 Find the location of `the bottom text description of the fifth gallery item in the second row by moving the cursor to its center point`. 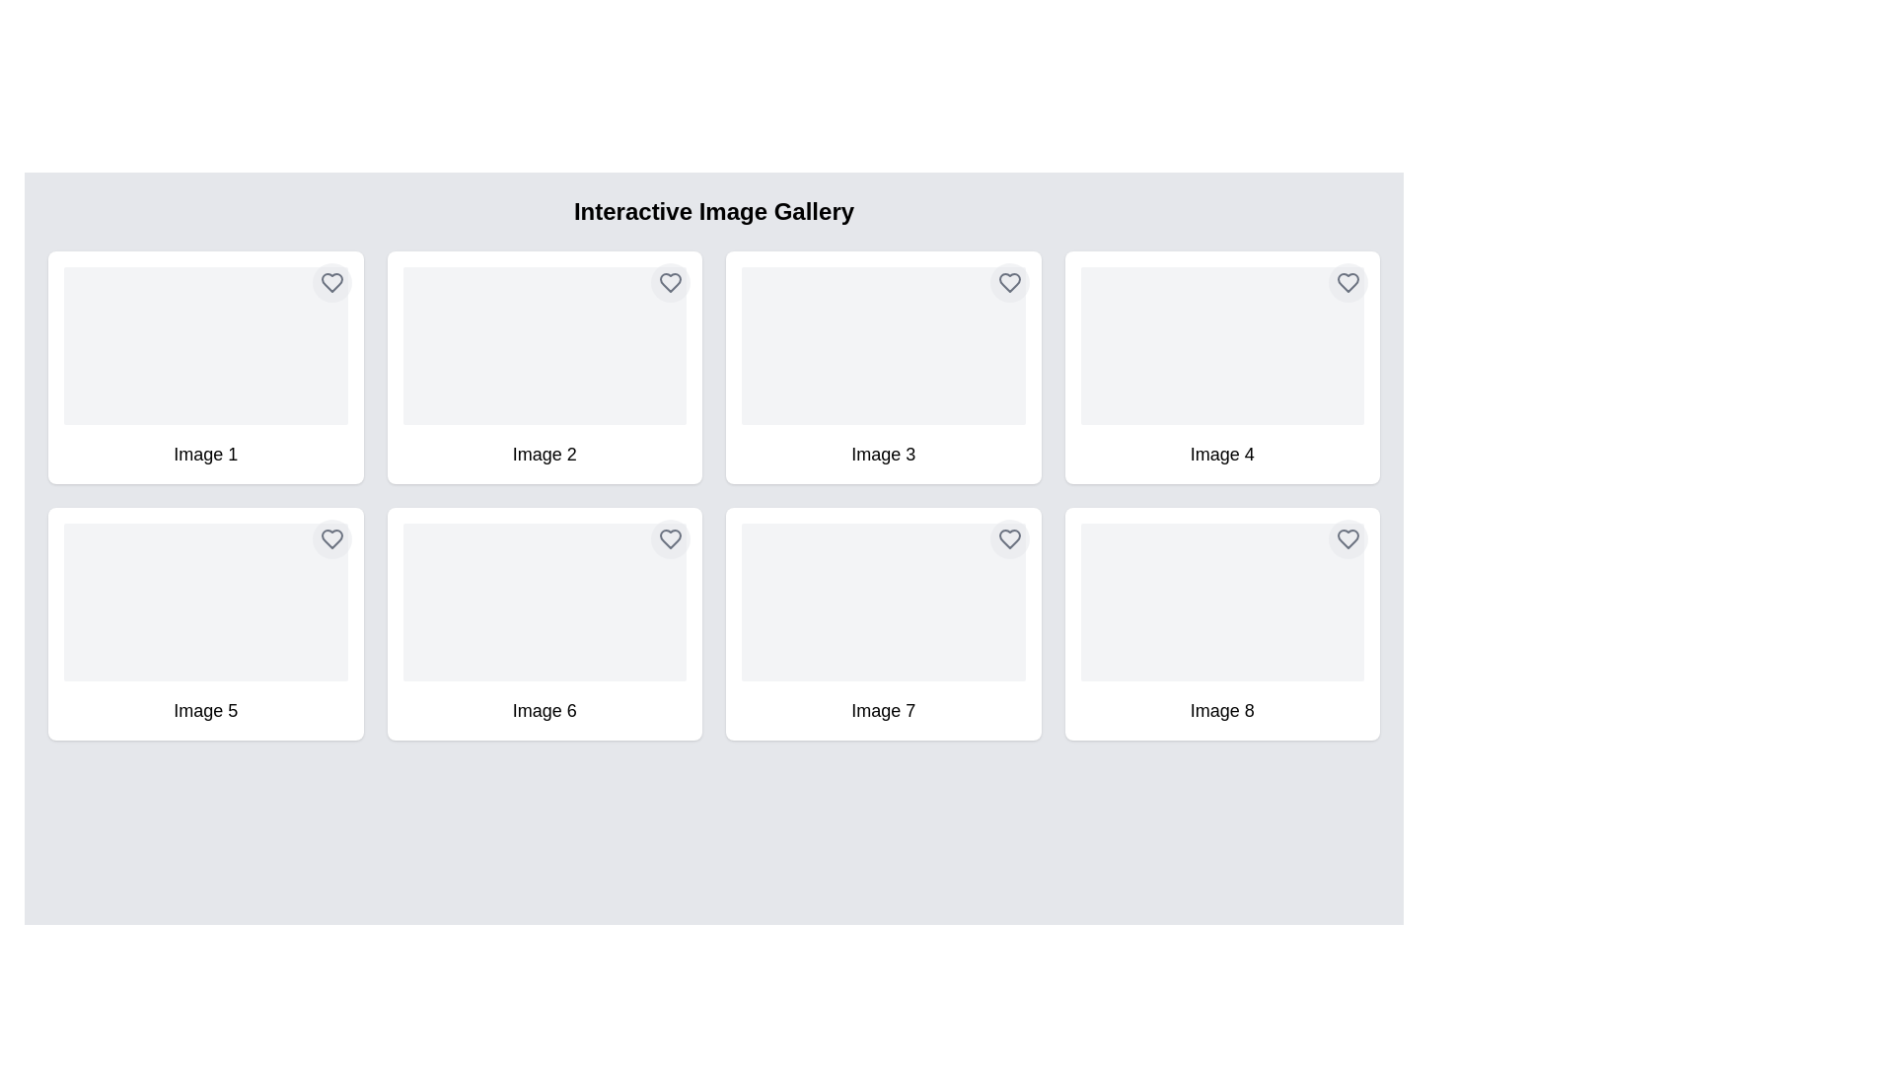

the bottom text description of the fifth gallery item in the second row by moving the cursor to its center point is located at coordinates (205, 711).